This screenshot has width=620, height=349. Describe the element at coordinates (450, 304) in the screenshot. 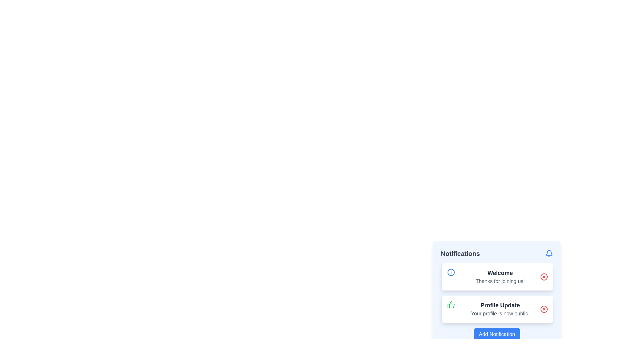

I see `the approval icon located in the bottom notification card titled 'Profile Update', positioned as the leftmost component of the card, to the left of the notification text` at that location.